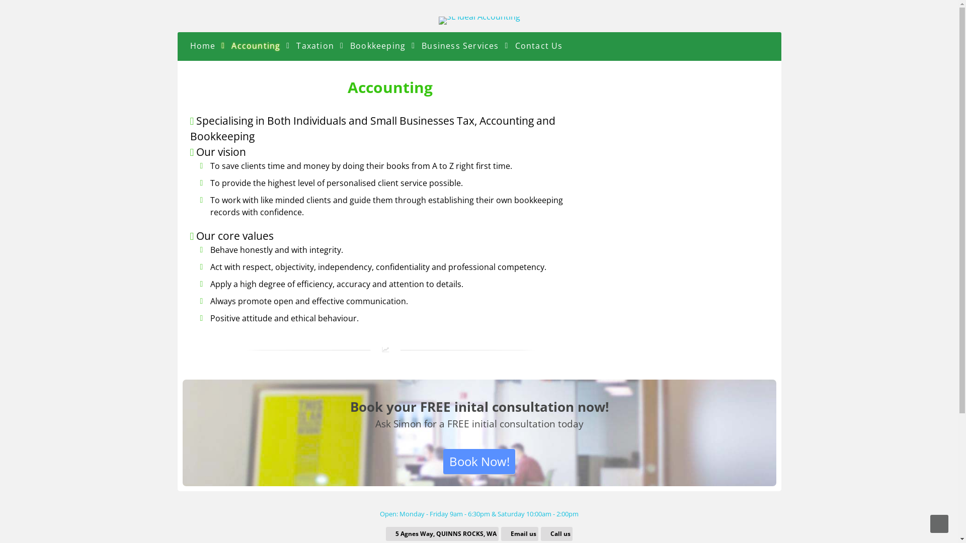 This screenshot has width=966, height=543. I want to click on 'Contact Us', so click(538, 44).